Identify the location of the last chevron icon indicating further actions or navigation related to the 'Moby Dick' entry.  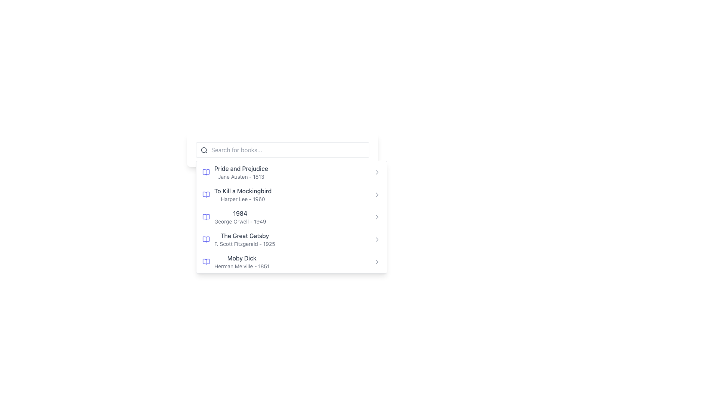
(377, 262).